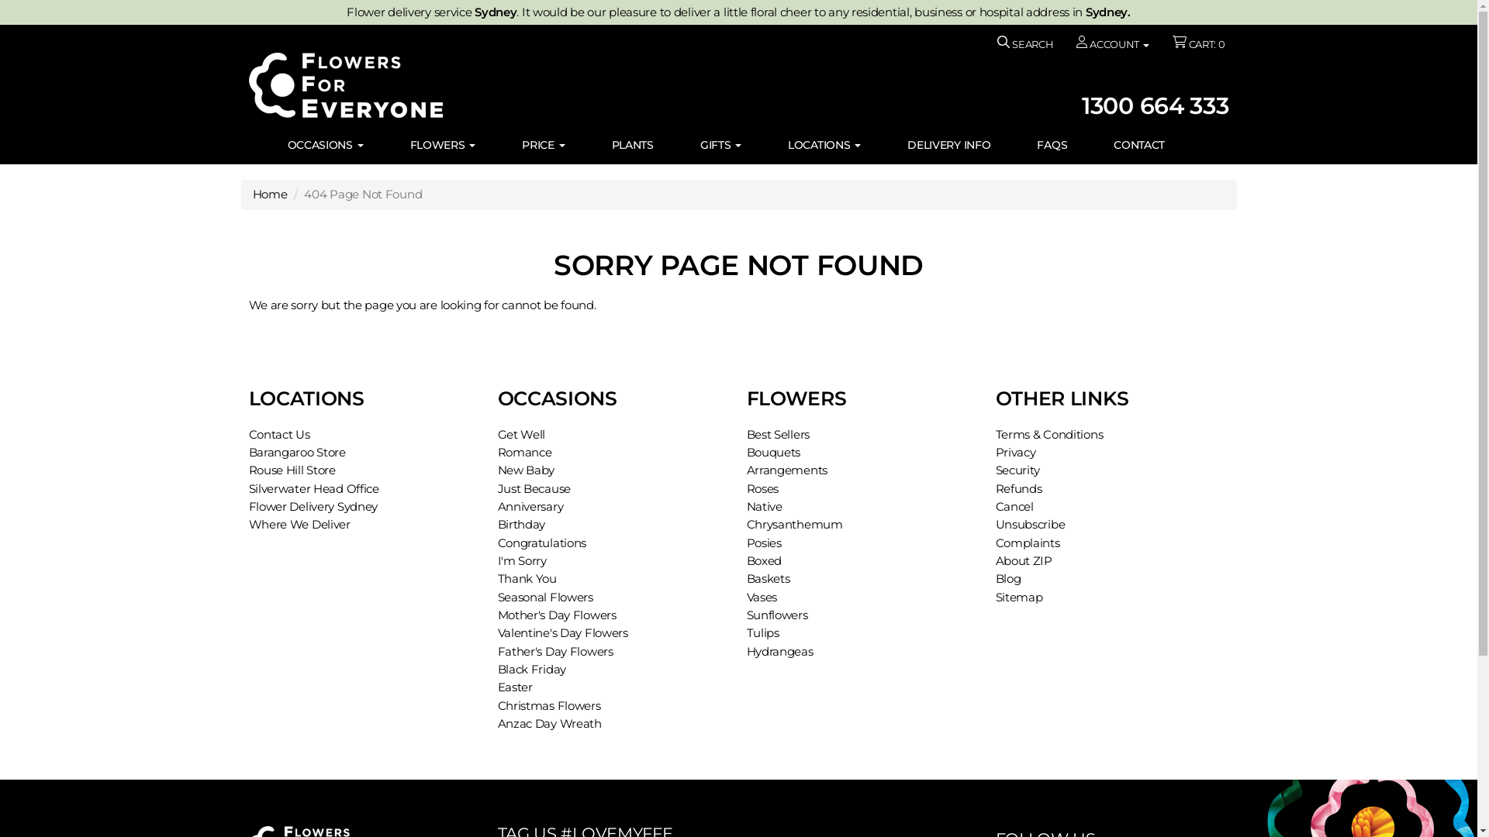 The width and height of the screenshot is (1489, 837). Describe the element at coordinates (745, 524) in the screenshot. I see `'Chrysanthemum'` at that location.